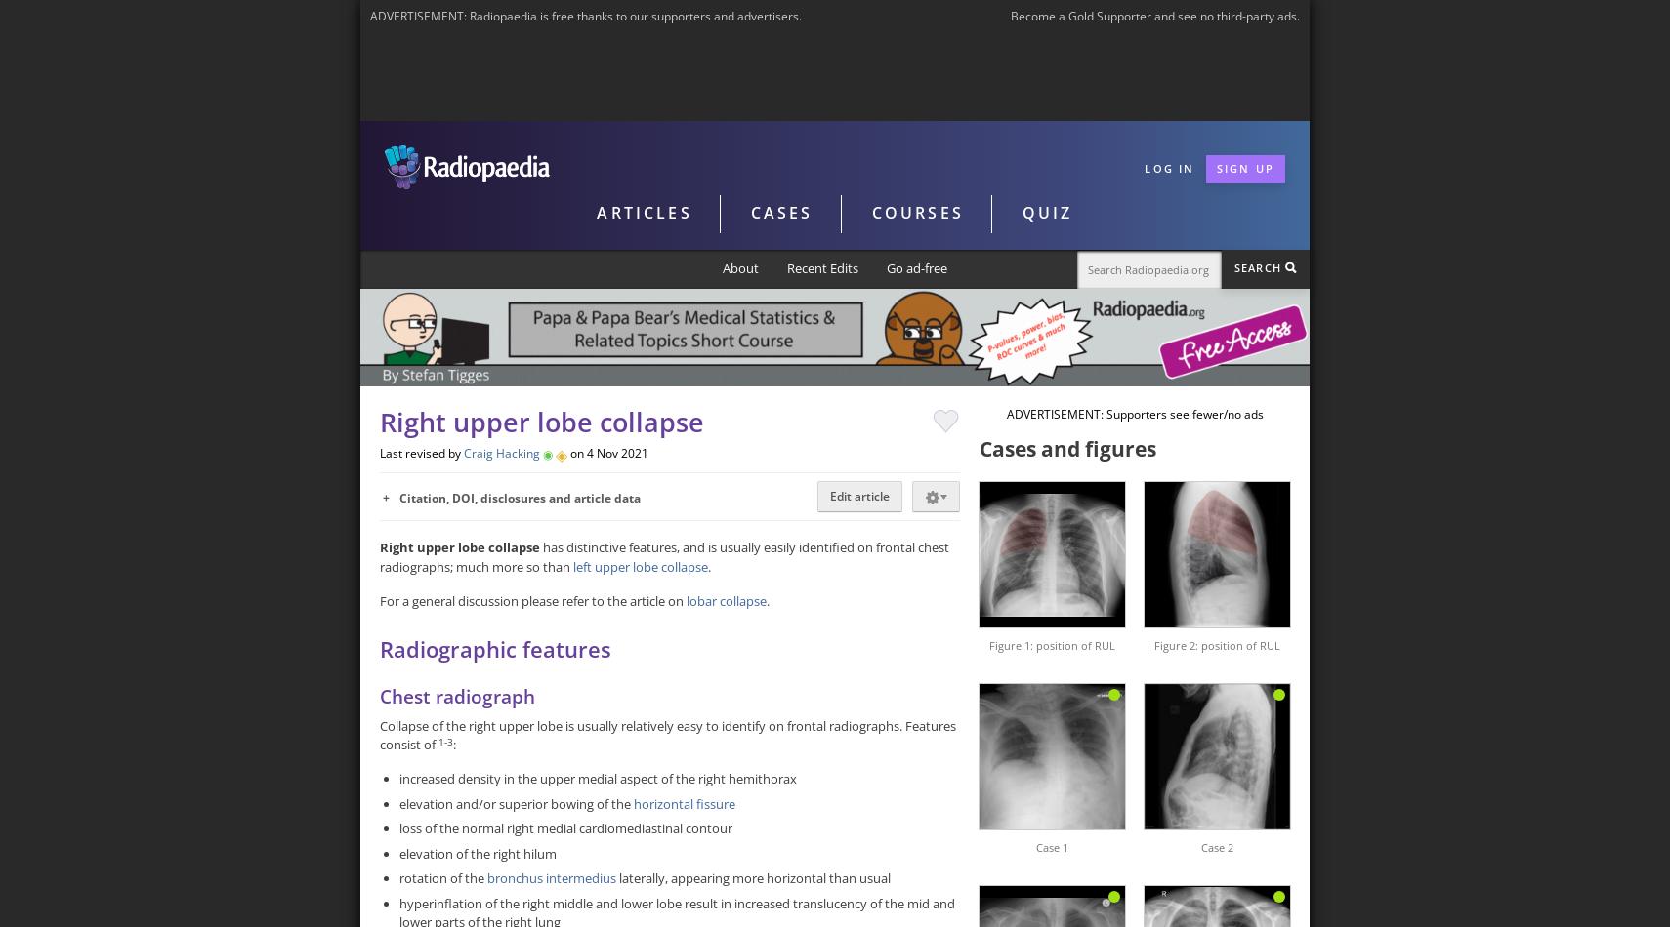 The height and width of the screenshot is (927, 1670). I want to click on 'left upper lobe collapse', so click(639, 565).